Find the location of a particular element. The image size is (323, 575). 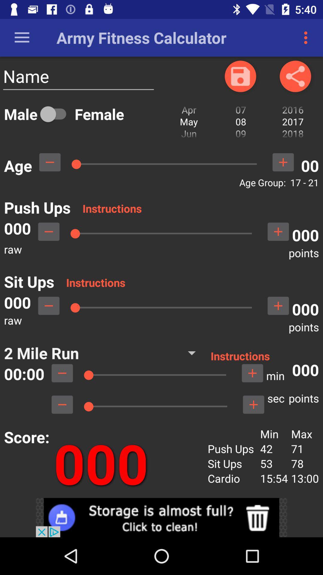

click decrease button is located at coordinates (62, 405).